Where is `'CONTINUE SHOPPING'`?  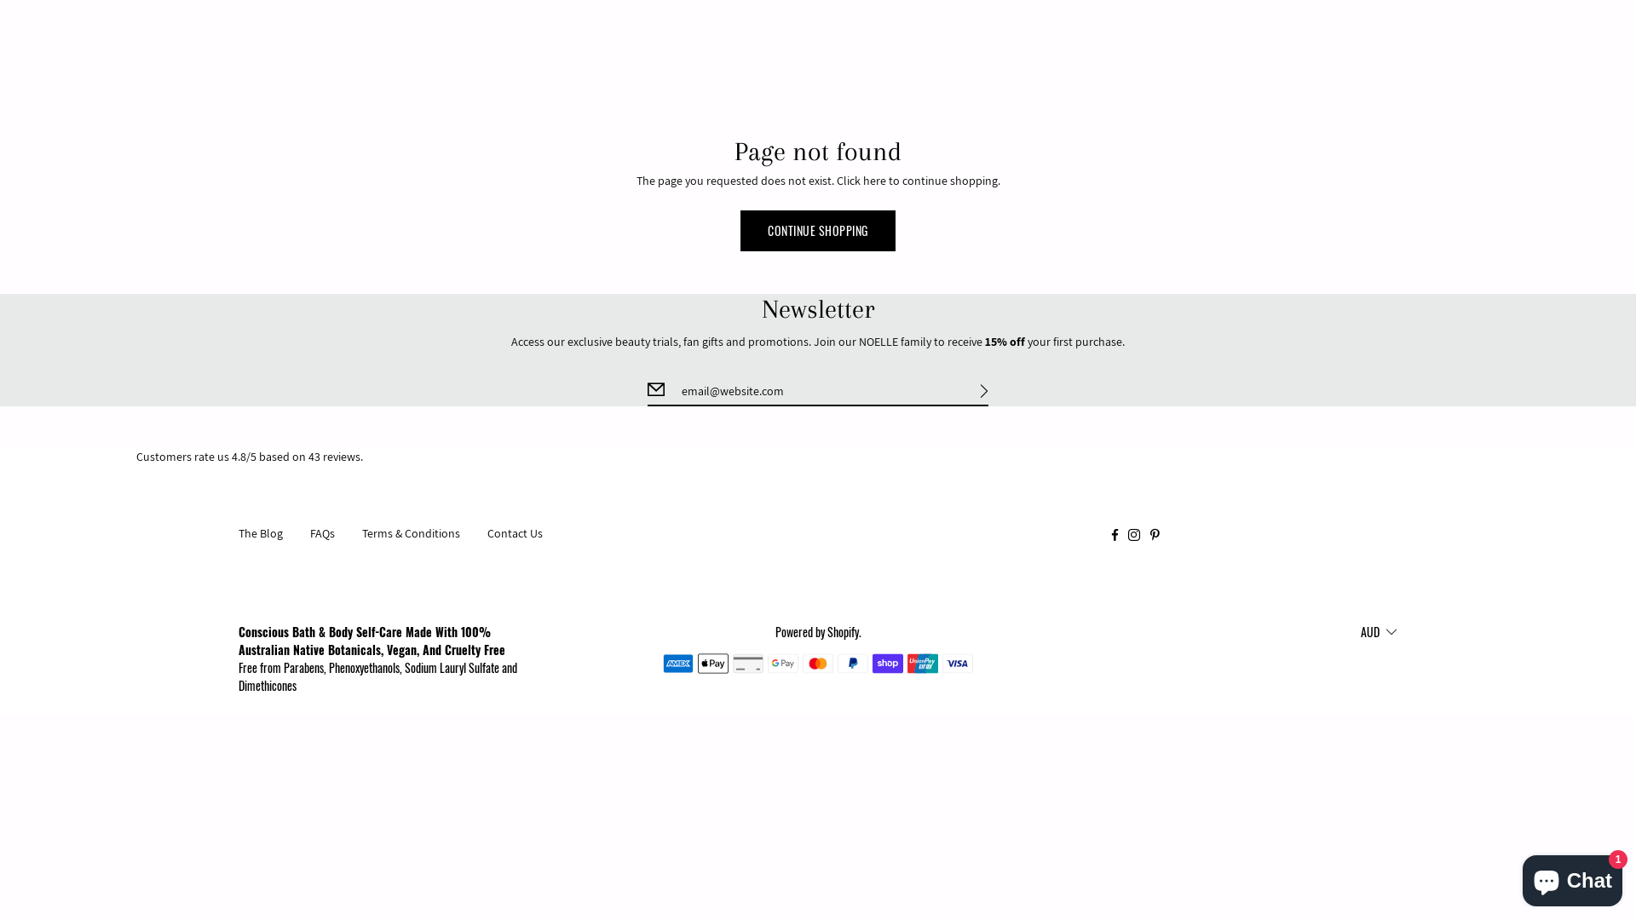
'CONTINUE SHOPPING' is located at coordinates (818, 230).